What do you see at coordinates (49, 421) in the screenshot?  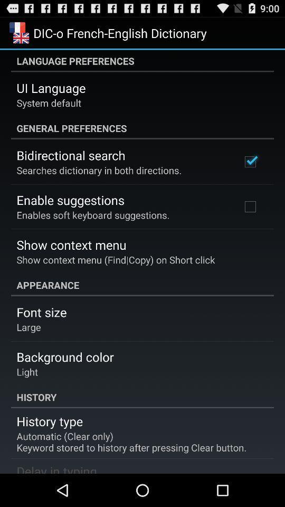 I see `the app below the history icon` at bounding box center [49, 421].